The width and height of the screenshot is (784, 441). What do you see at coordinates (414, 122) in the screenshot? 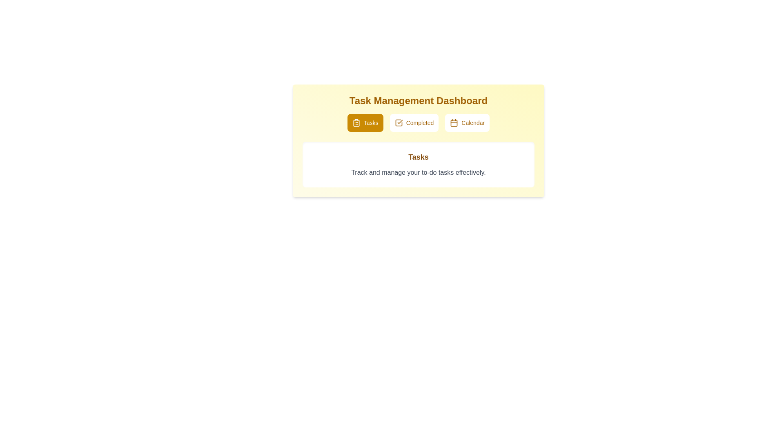
I see `the Completed button to observe its UI effects` at bounding box center [414, 122].